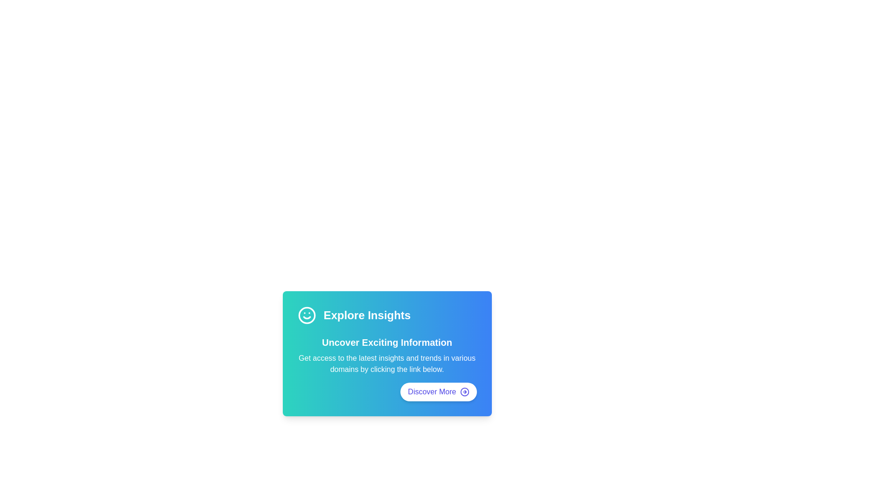  What do you see at coordinates (464, 392) in the screenshot?
I see `the navigation icon located to the right of the 'Discover More' text inside the button at the bottom right of the card-like panel` at bounding box center [464, 392].